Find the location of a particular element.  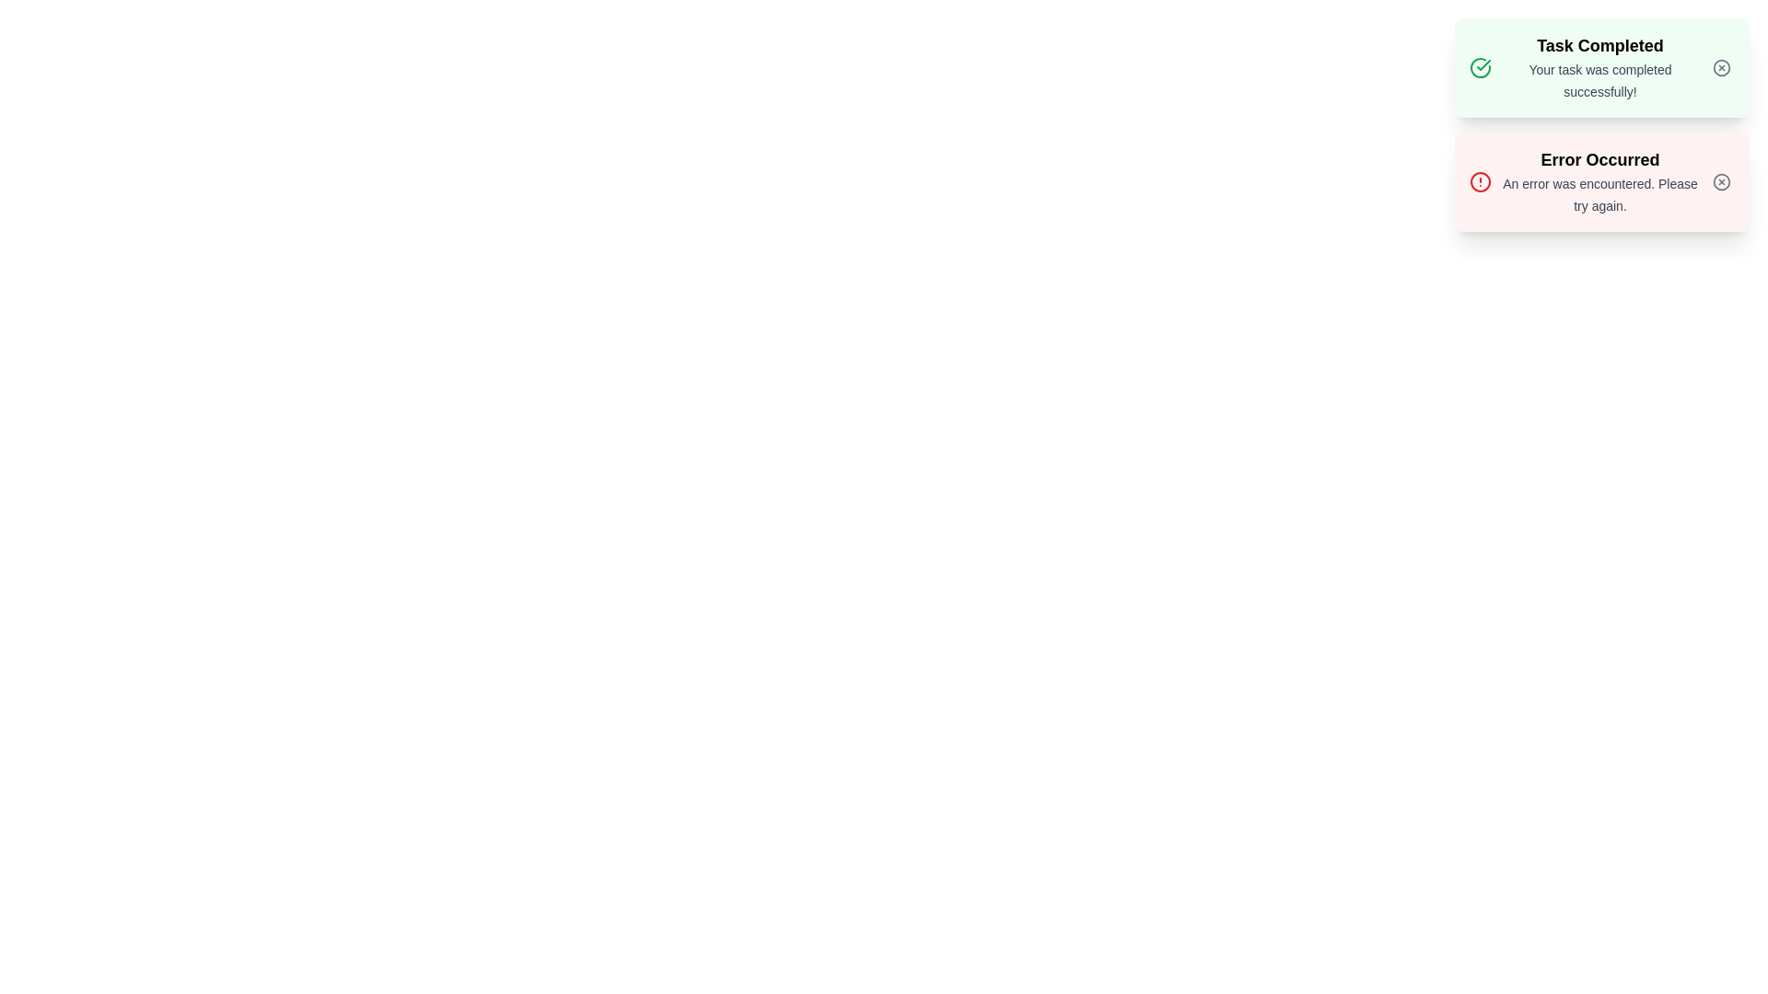

the small circular 'X' icon in gray color located in the top-right corner of the 'Error Occurred' alert box is located at coordinates (1721, 181).